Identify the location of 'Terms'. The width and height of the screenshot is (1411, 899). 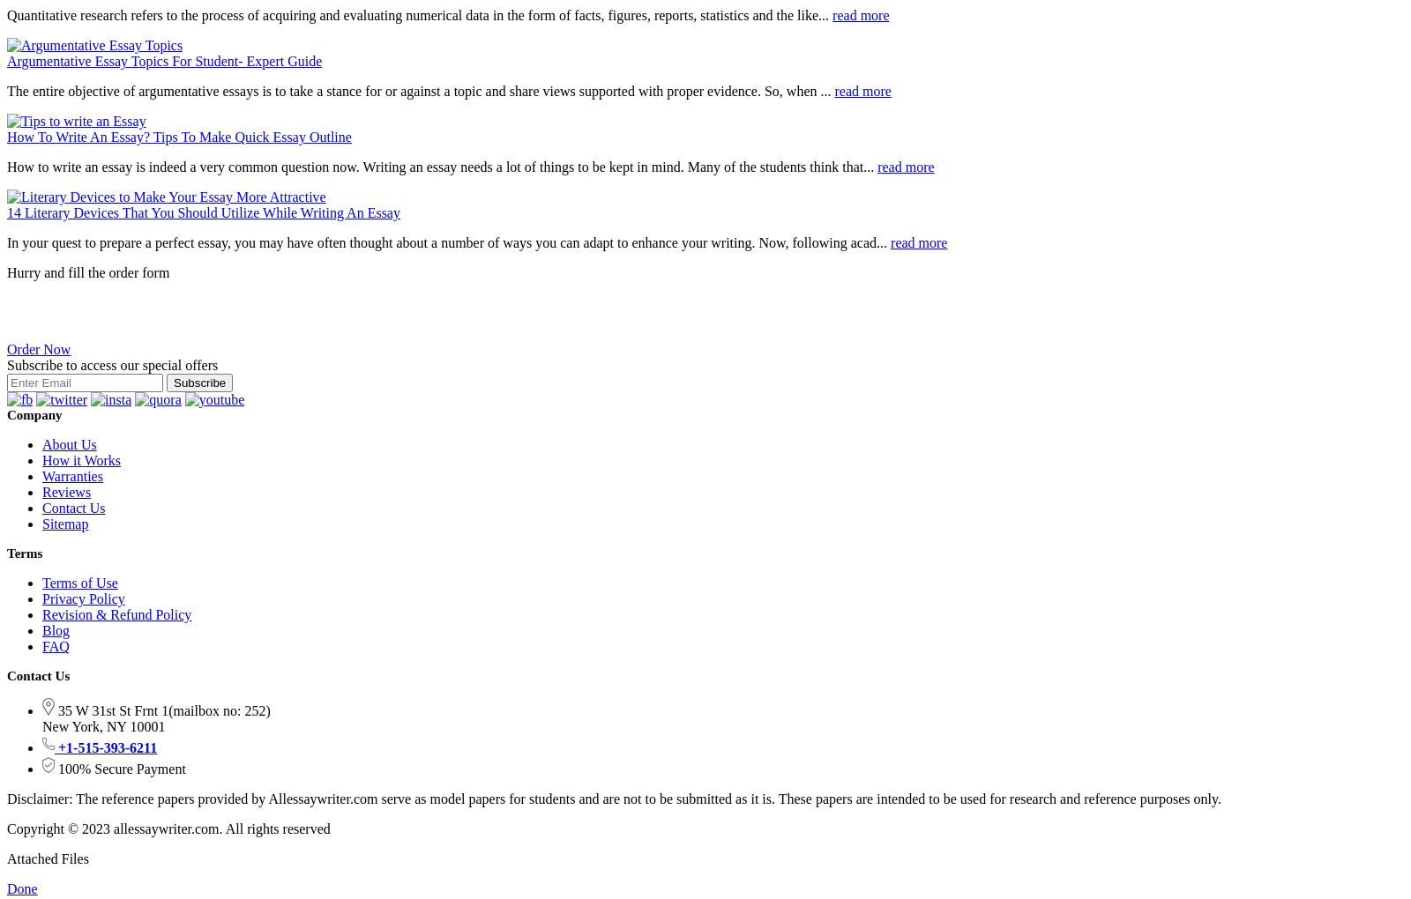
(24, 553).